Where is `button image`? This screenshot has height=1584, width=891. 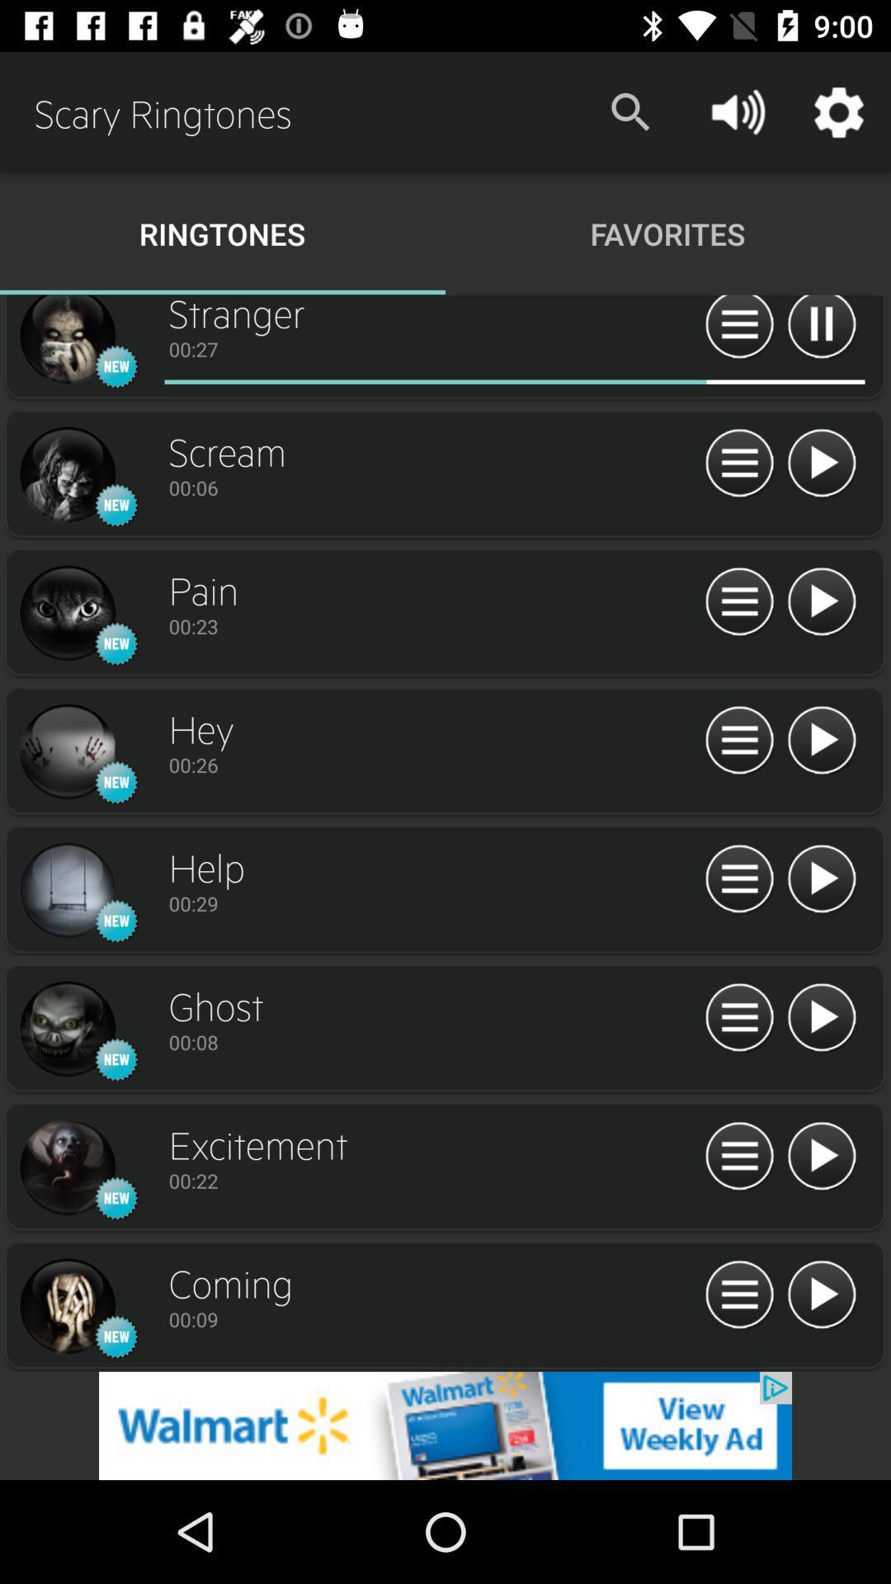 button image is located at coordinates (738, 1294).